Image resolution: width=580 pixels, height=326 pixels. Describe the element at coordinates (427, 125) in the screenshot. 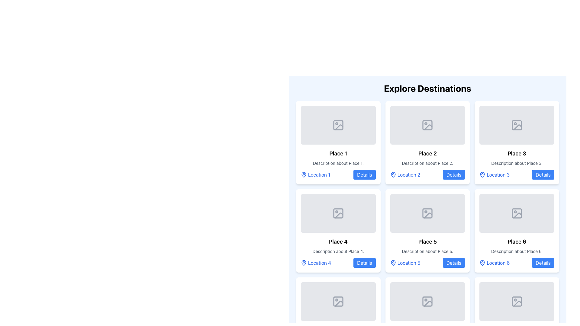

I see `the decorative SVG rectangle within the image icon at the top center of the 'Place 2' card` at that location.